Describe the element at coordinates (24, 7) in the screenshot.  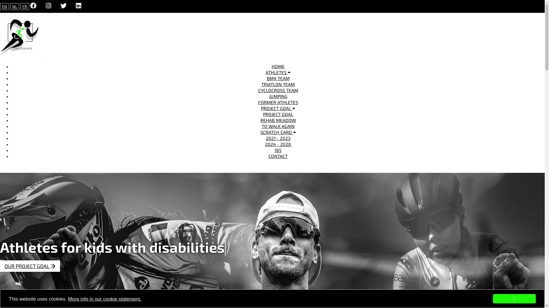
I see `'FR'` at that location.